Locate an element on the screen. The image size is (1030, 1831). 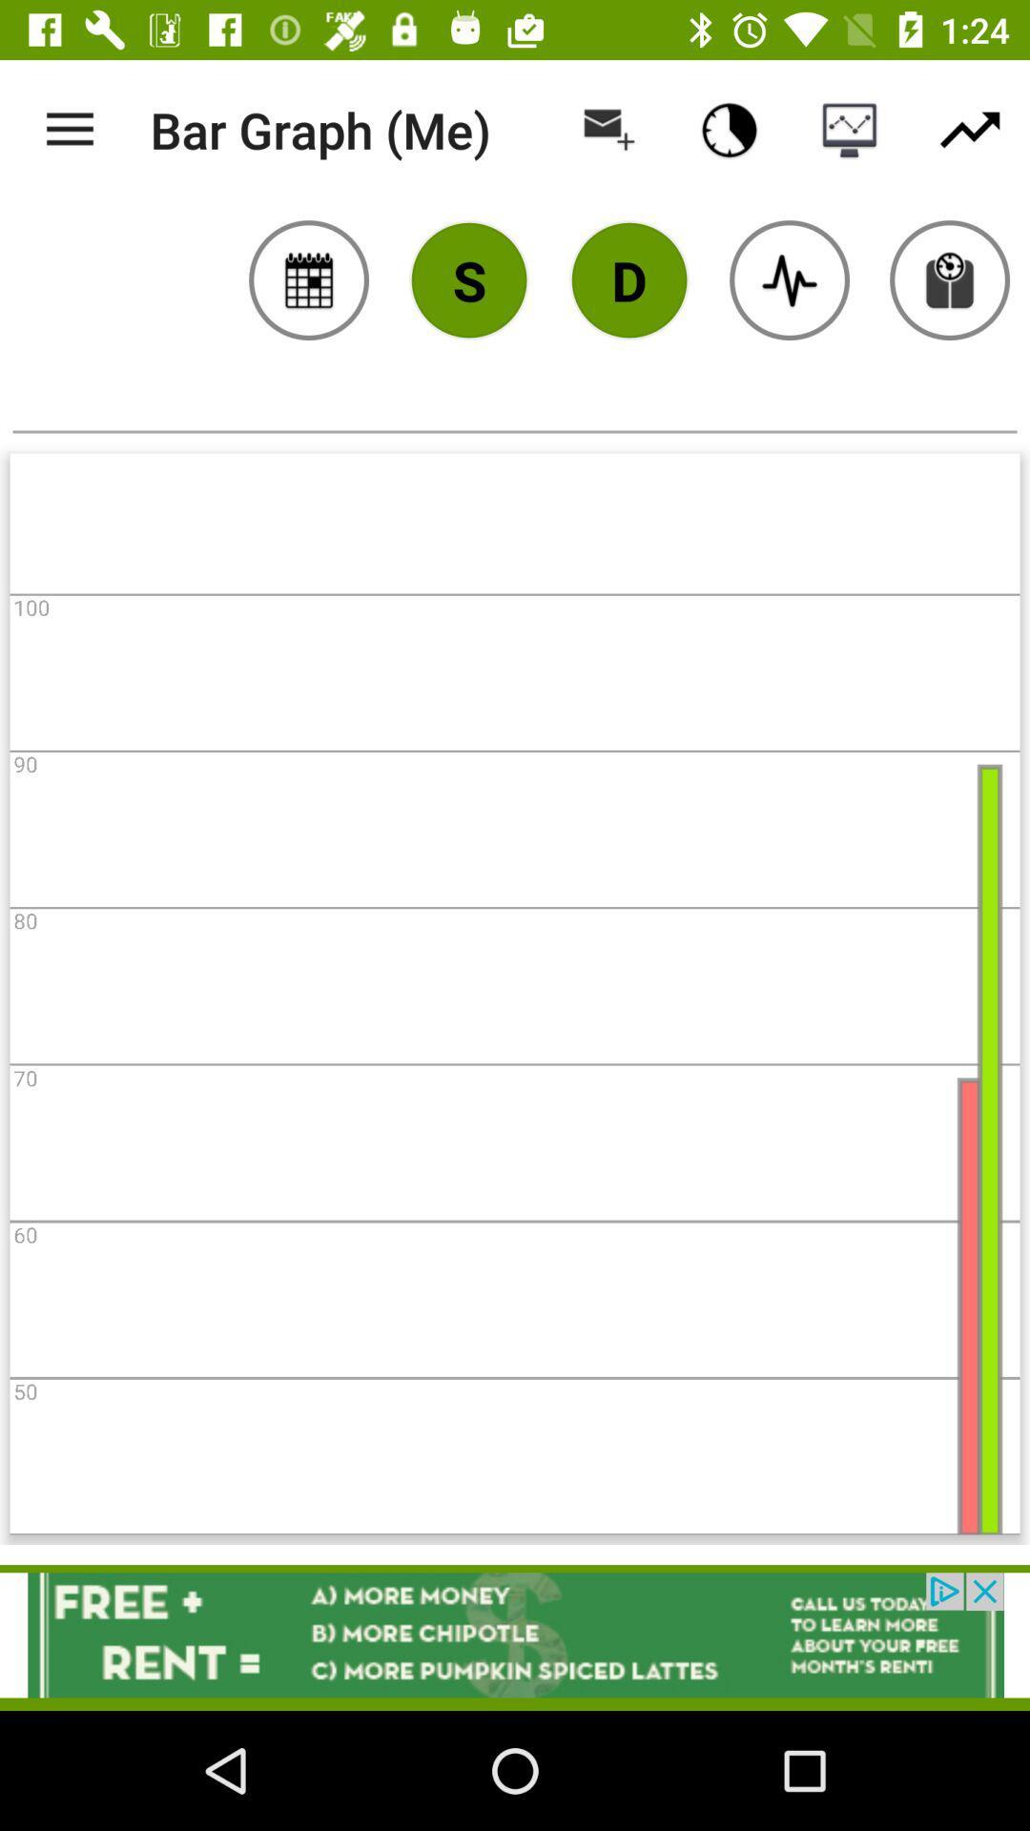
advertisement area is located at coordinates (515, 1634).